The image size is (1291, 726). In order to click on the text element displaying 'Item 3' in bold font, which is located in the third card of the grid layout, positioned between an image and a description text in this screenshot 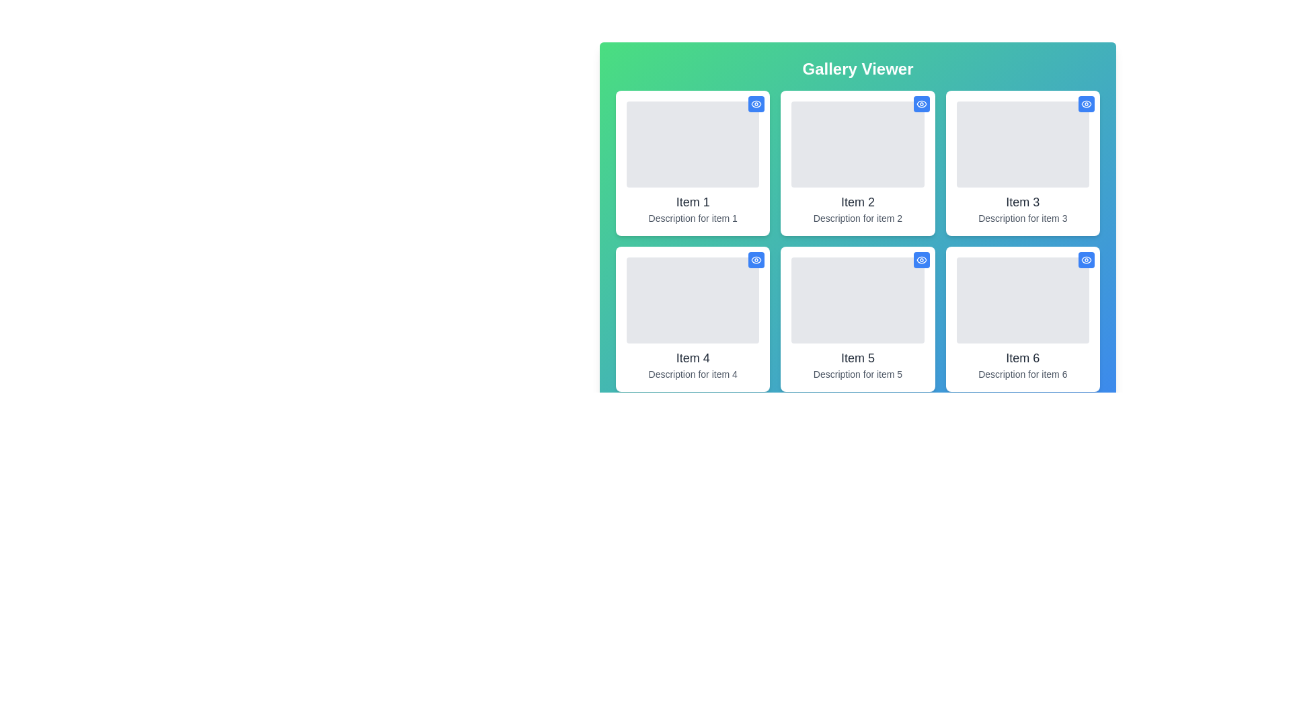, I will do `click(1022, 202)`.